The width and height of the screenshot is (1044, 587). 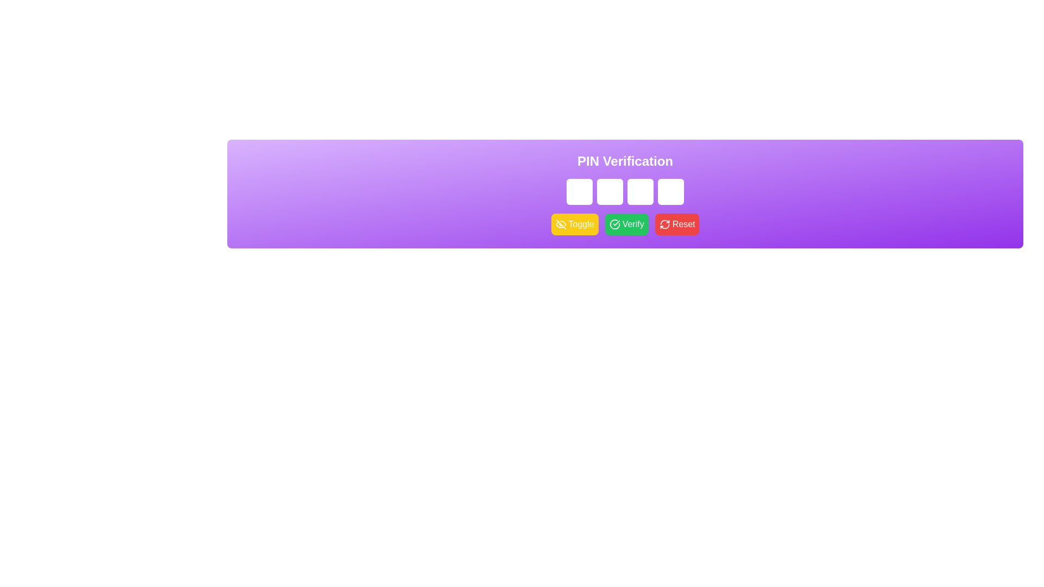 I want to click on the first single-character password input field, which has a square shape with rounded corners and a white background, to focus the input box, so click(x=579, y=191).